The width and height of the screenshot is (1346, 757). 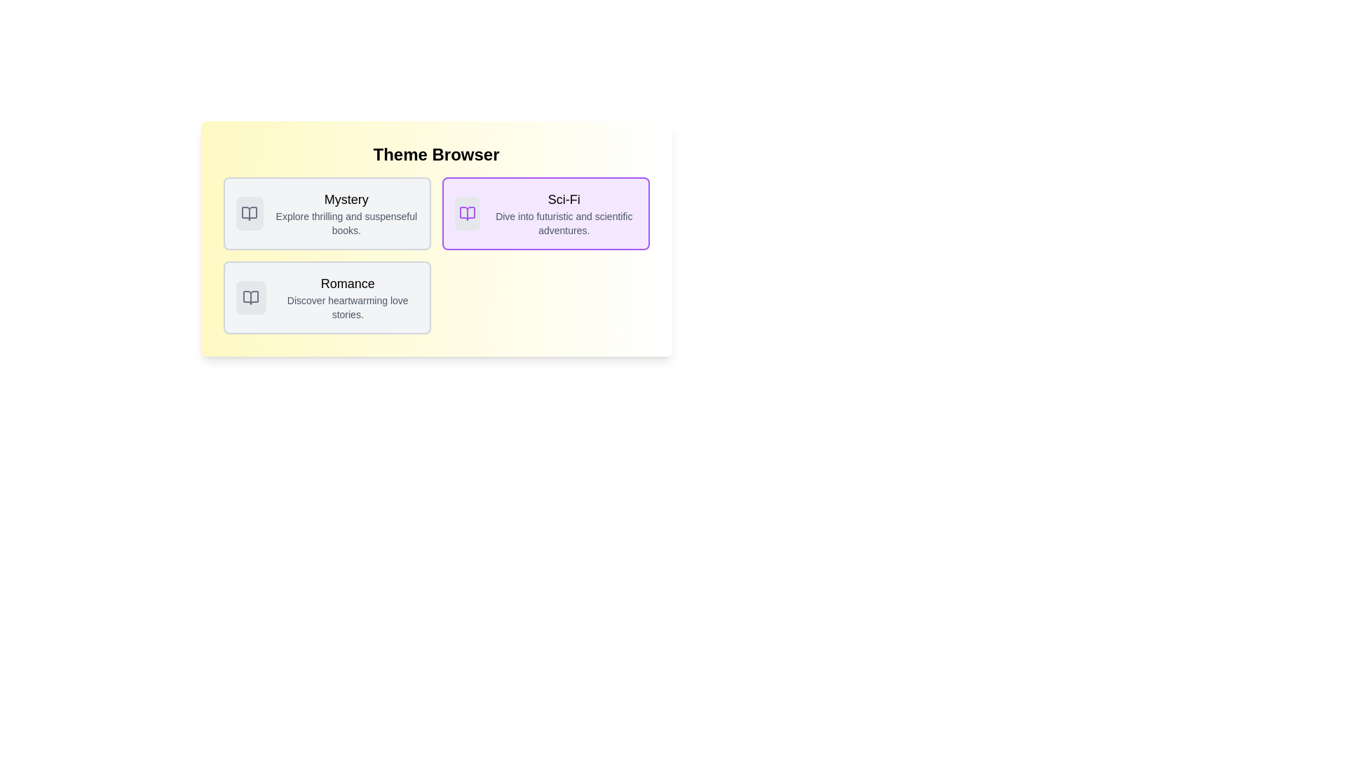 What do you see at coordinates (326, 296) in the screenshot?
I see `the theme card corresponding to Romance to select it` at bounding box center [326, 296].